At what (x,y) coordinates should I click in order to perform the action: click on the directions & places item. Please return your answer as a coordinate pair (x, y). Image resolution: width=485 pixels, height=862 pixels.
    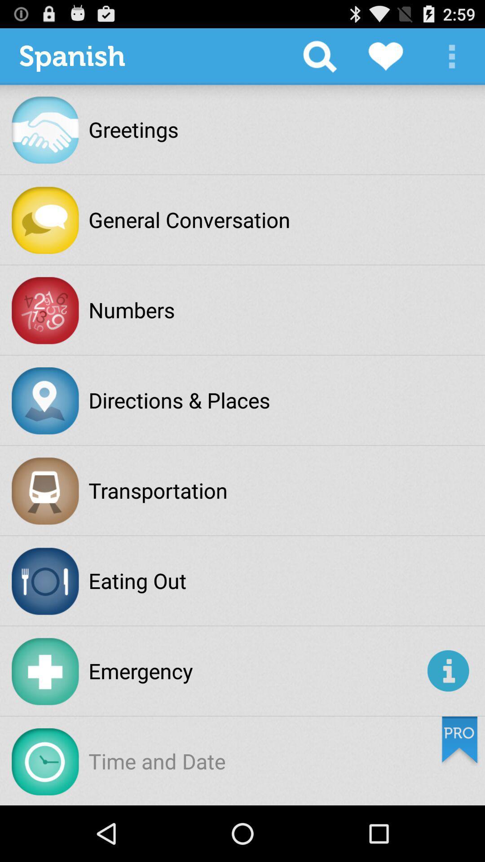
    Looking at the image, I should click on (179, 400).